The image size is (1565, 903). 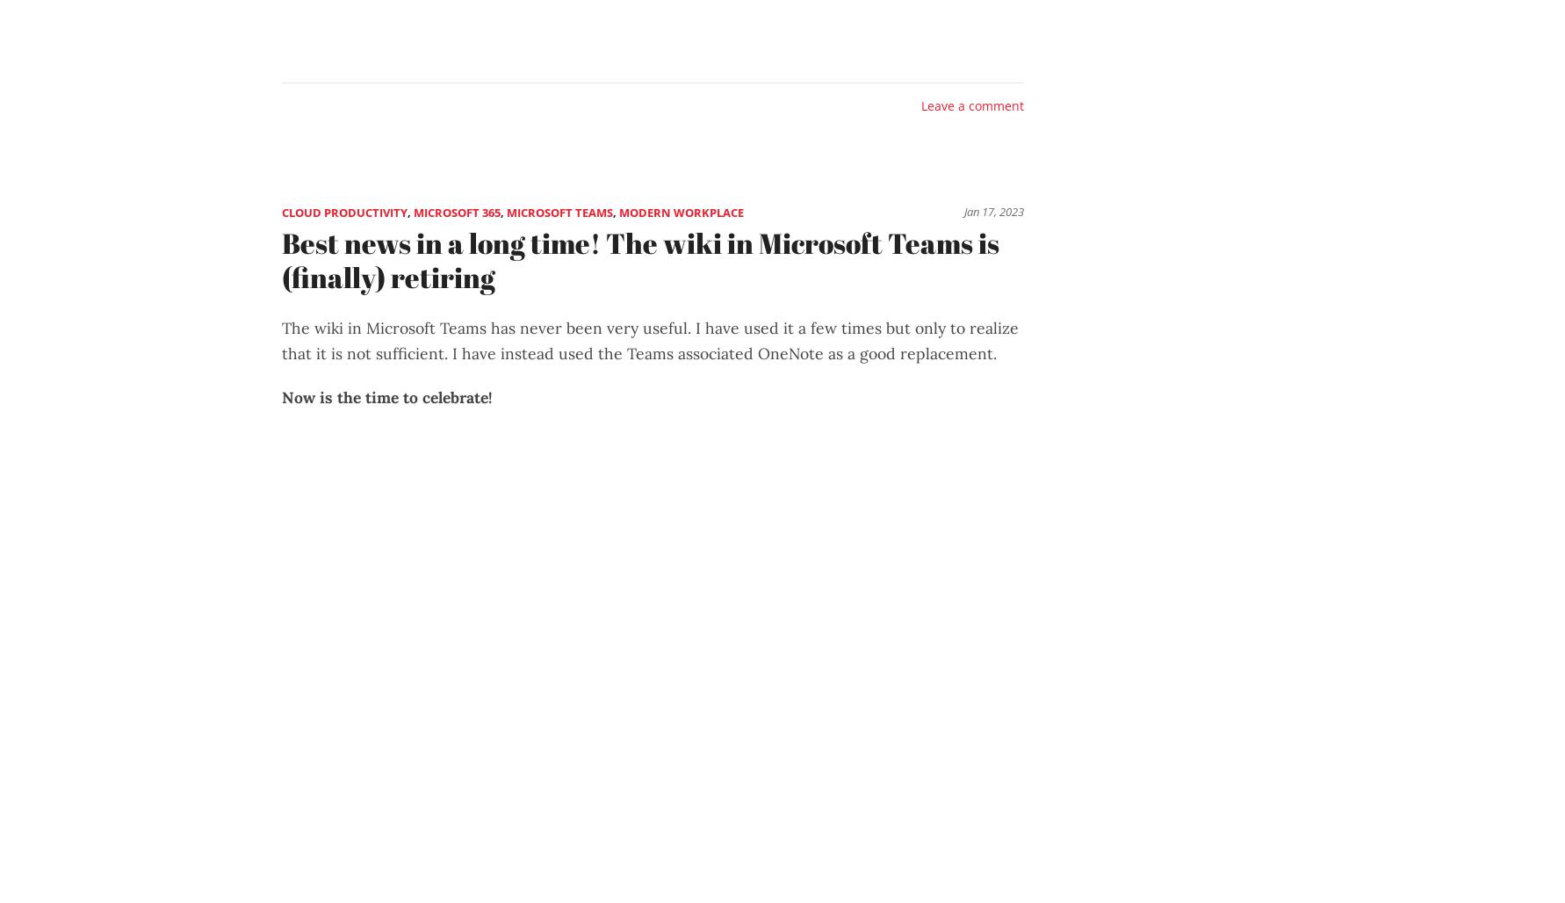 I want to click on 'Jan 17, 2023', so click(x=993, y=210).